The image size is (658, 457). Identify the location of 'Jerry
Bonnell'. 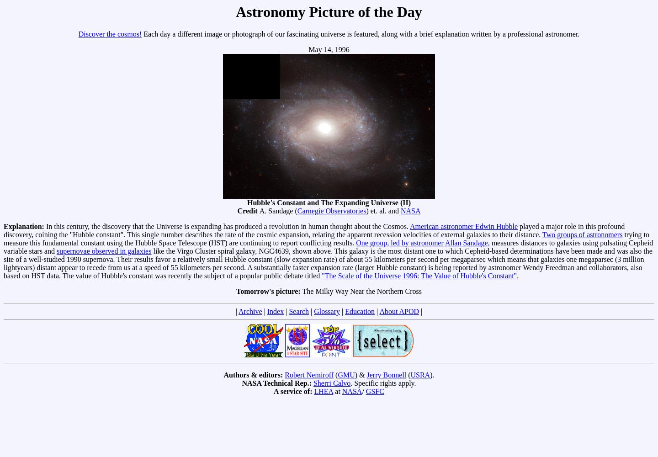
(386, 374).